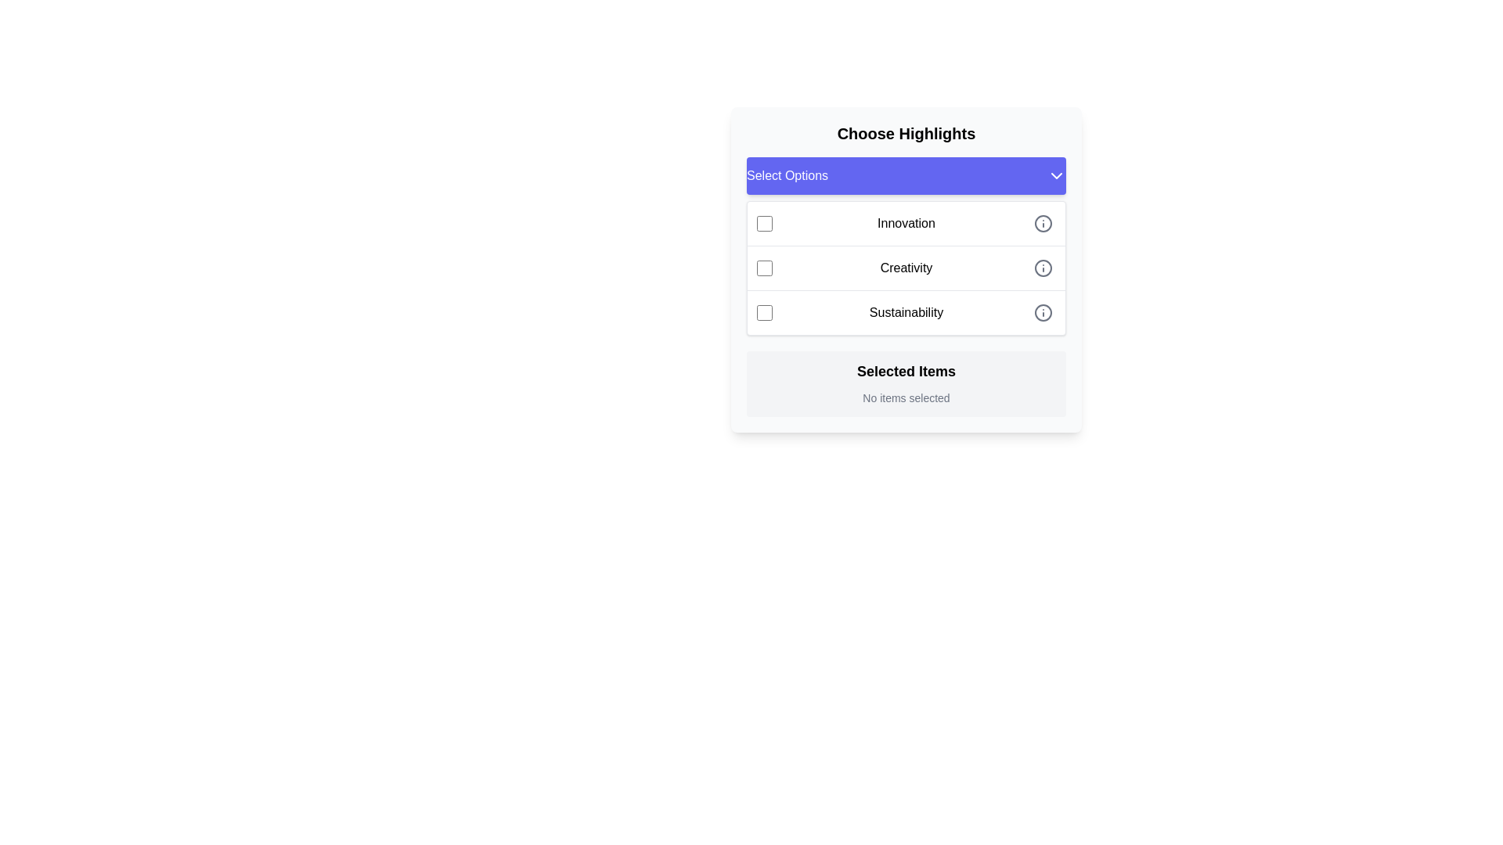 Image resolution: width=1503 pixels, height=845 pixels. I want to click on the text label that says 'No items selected', which is located within the 'Selected Items' section, so click(906, 397).